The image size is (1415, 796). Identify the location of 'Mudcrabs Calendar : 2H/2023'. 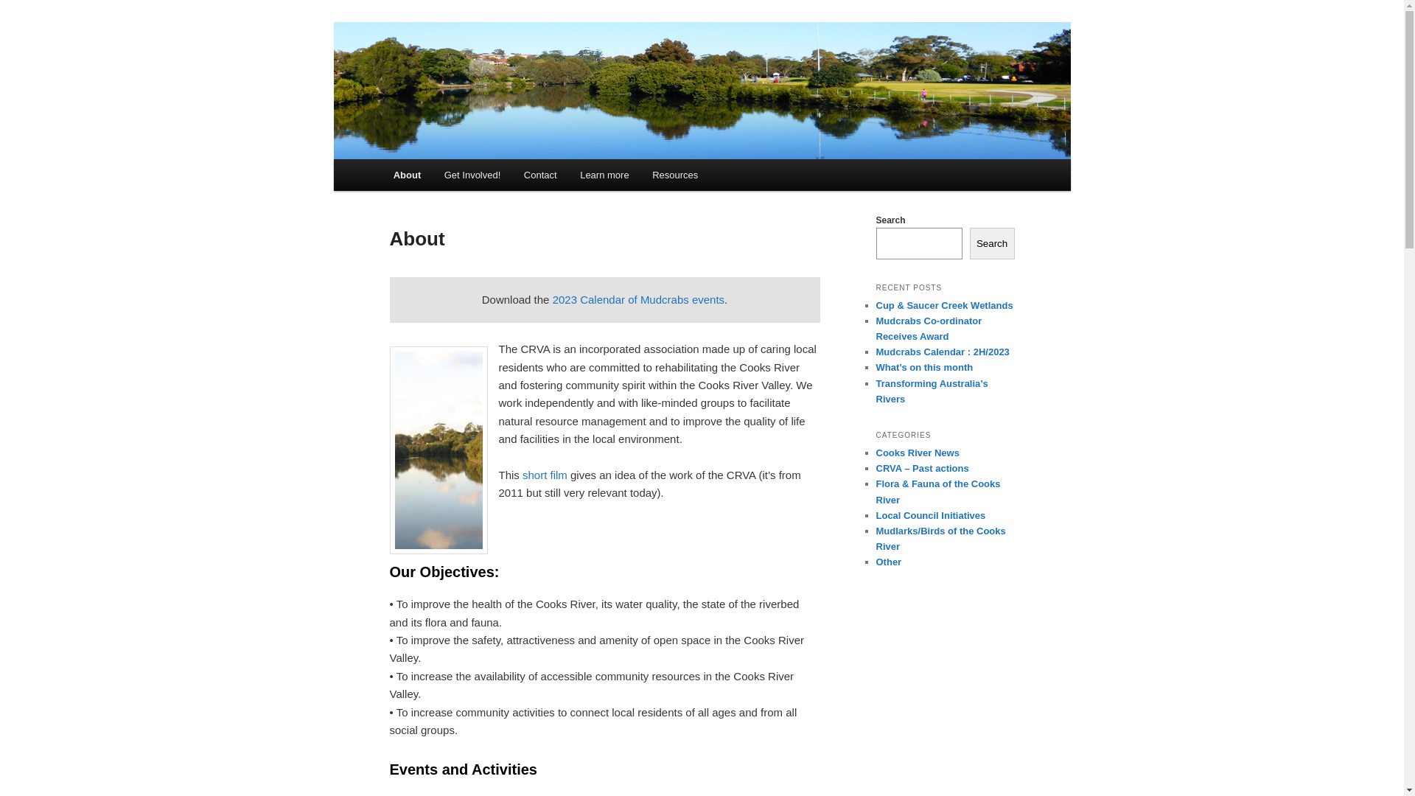
(941, 352).